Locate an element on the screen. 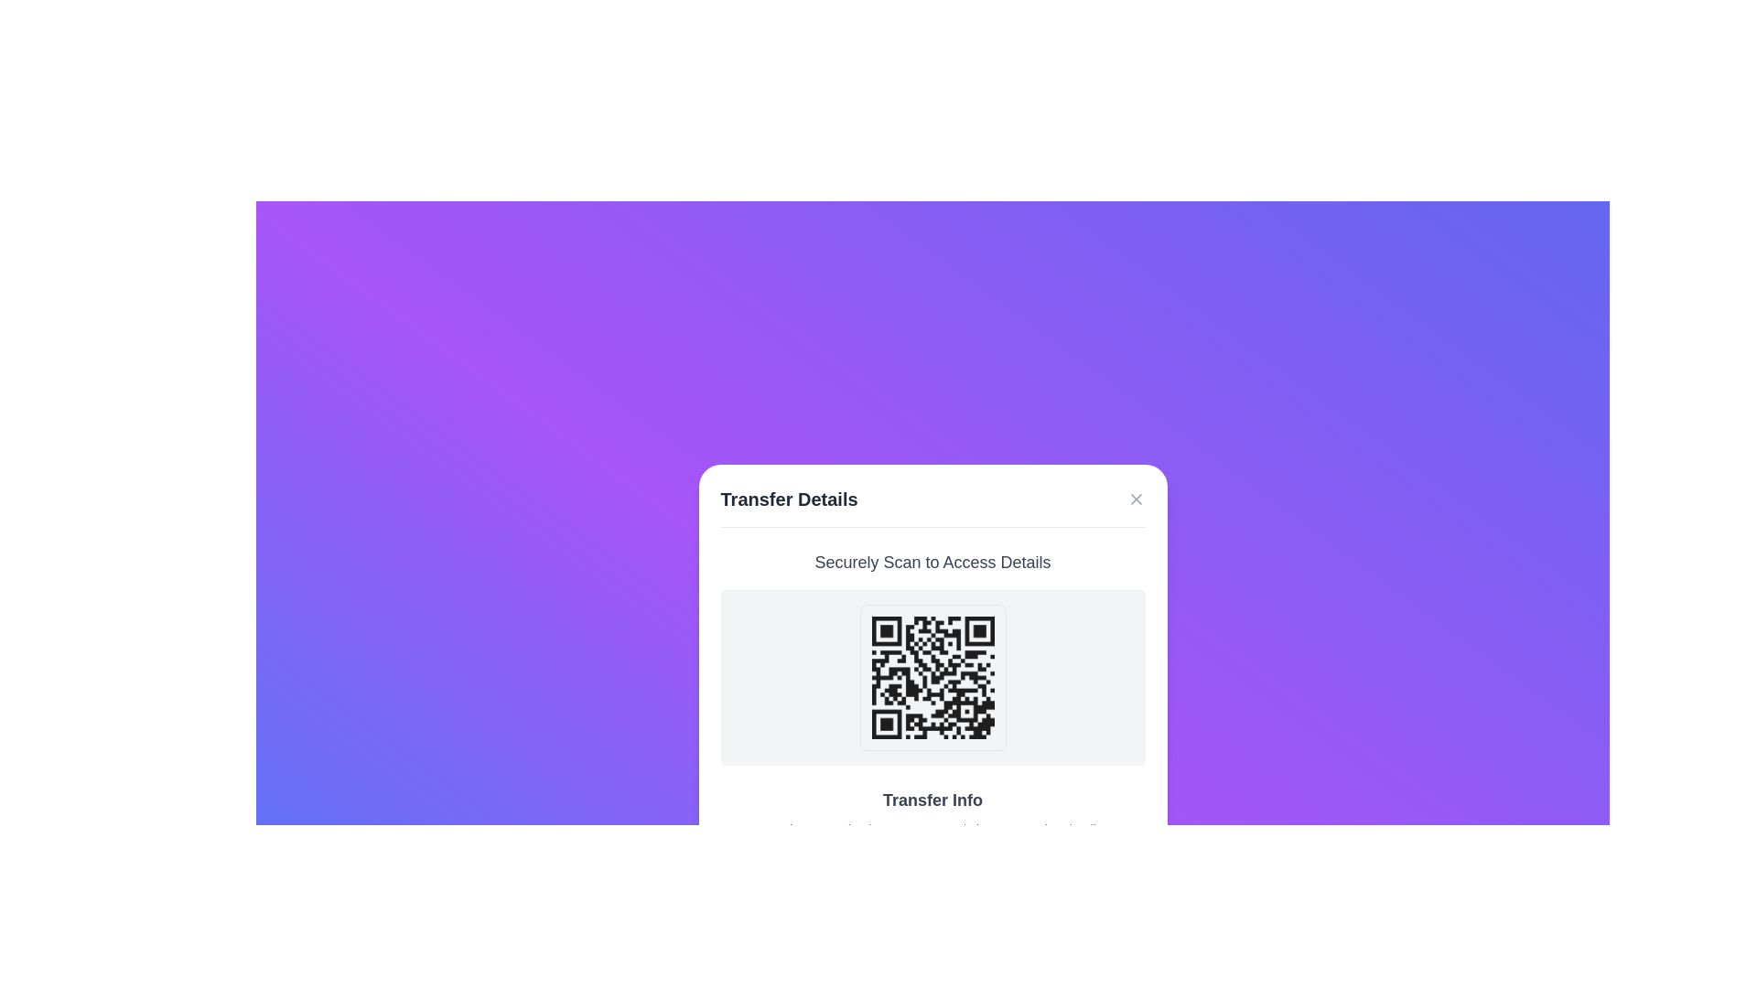 The image size is (1757, 988). the informative block with the QR code located in the modal dialog titled 'Transfer Details', which is the second section after the title is located at coordinates (932, 656).